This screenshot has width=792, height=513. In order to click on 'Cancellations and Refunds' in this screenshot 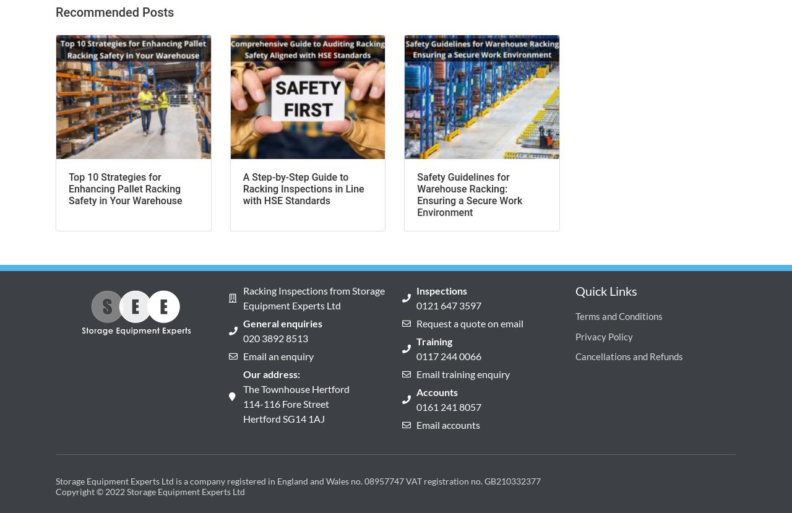, I will do `click(575, 355)`.